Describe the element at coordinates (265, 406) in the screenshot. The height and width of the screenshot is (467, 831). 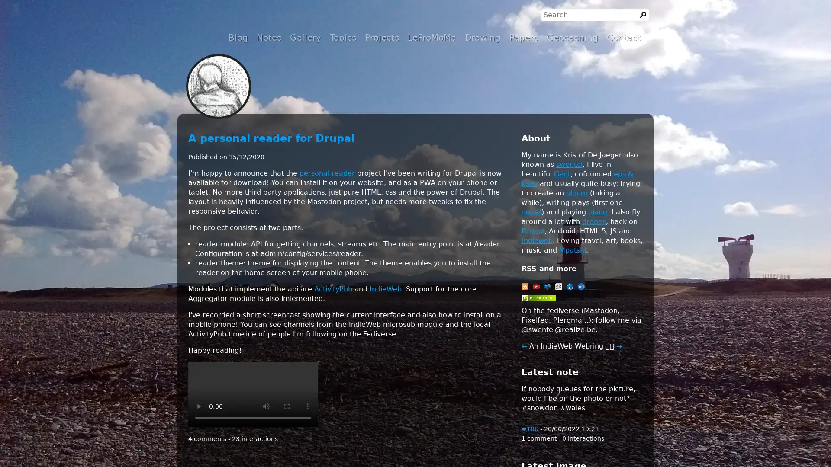
I see `mute` at that location.